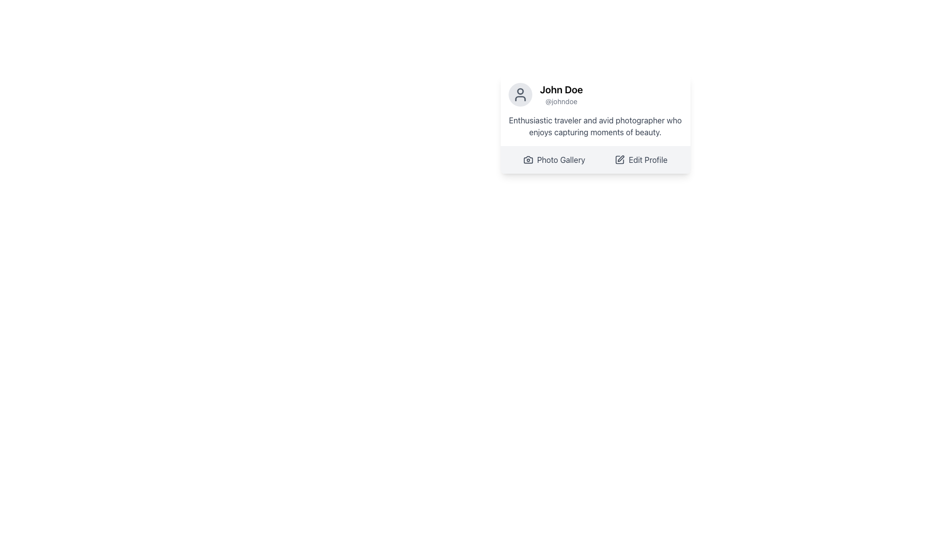  Describe the element at coordinates (648, 159) in the screenshot. I see `the 'Edit Profile' button located at the bottom right of the user profile card` at that location.